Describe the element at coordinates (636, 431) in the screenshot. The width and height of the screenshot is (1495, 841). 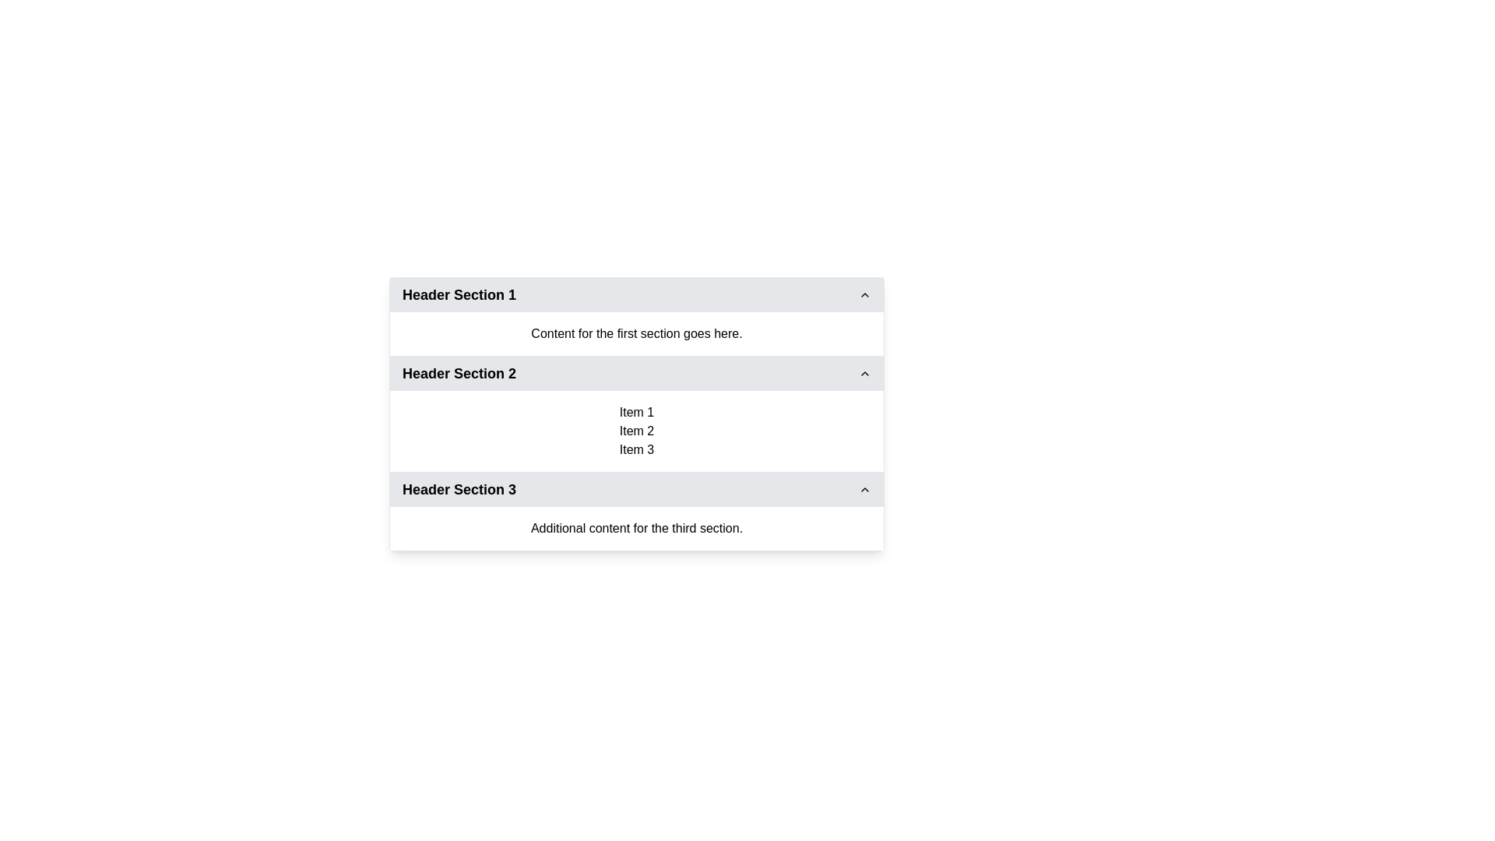
I see `the text label displaying 'Item 2', which is the second item in a vertical list under 'Header Section 2'` at that location.